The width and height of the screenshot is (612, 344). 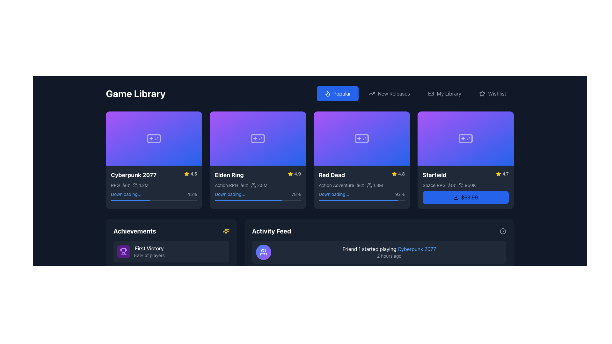 I want to click on the blue filled segment of the progress bar located under the 'Downloading...' text in the 'Cyberpunk 2077' game card, so click(x=130, y=200).